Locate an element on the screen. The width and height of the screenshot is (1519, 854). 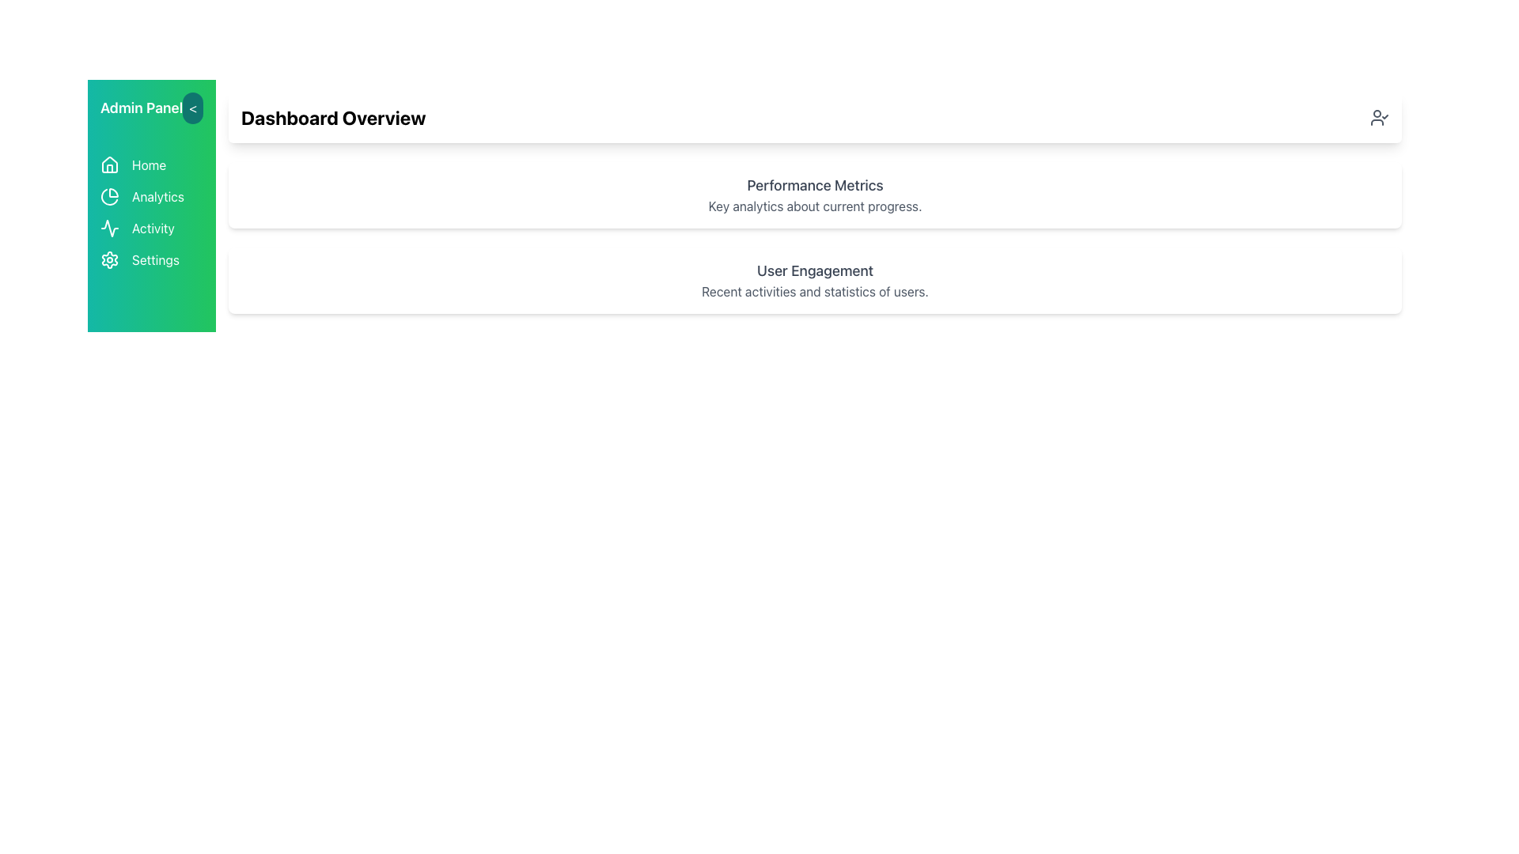
the 'Analytics' text label in the vertical navigation menu is located at coordinates (158, 196).